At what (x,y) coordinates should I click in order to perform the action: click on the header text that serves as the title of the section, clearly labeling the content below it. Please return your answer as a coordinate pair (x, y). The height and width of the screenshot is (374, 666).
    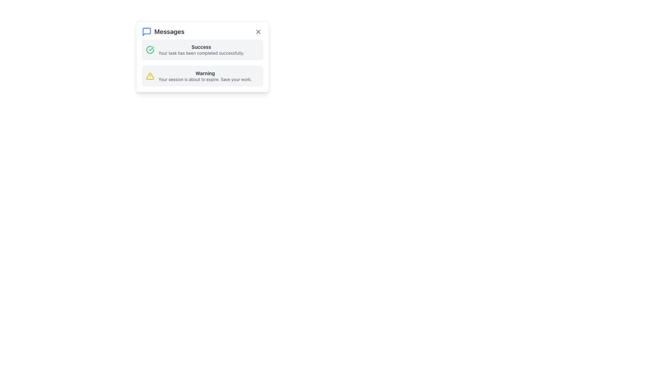
    Looking at the image, I should click on (163, 32).